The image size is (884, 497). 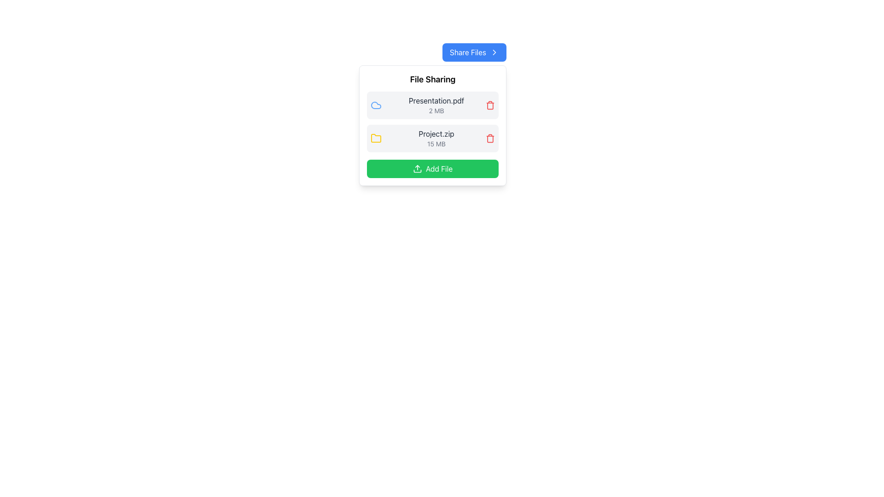 I want to click on the graphical icon (SVG) that visually represents a cloud-based association for the 'Presentation.pdf' file, located to the left of the filename in the file-sharing interface, so click(x=376, y=104).